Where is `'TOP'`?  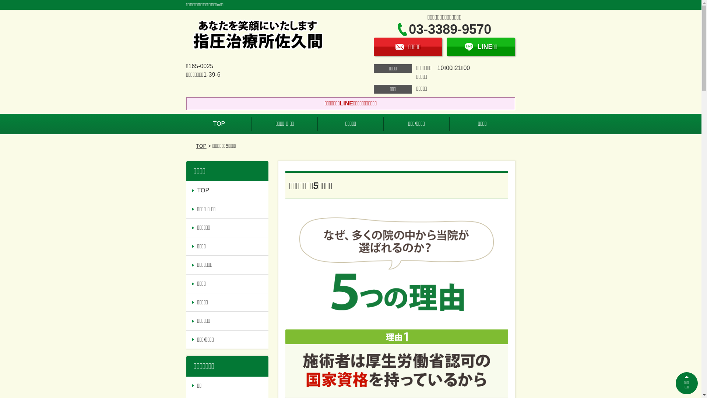 'TOP' is located at coordinates (227, 190).